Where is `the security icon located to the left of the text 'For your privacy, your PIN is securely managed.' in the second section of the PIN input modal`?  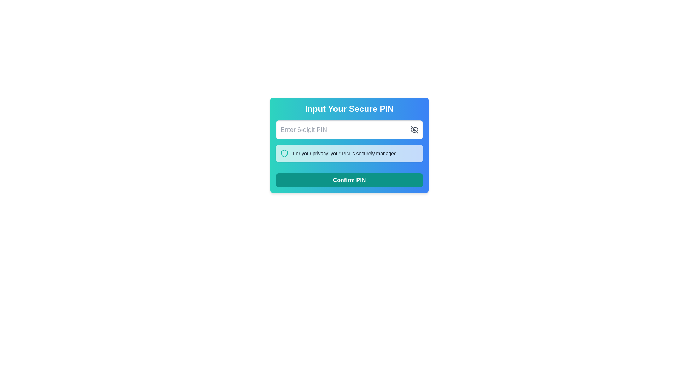
the security icon located to the left of the text 'For your privacy, your PIN is securely managed.' in the second section of the PIN input modal is located at coordinates (284, 153).